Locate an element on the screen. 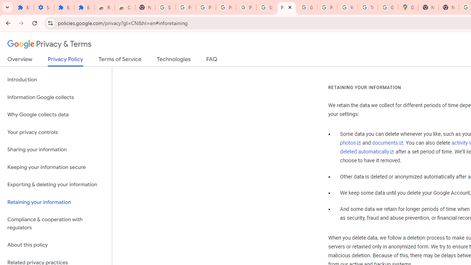  'Extensions' is located at coordinates (64, 7).